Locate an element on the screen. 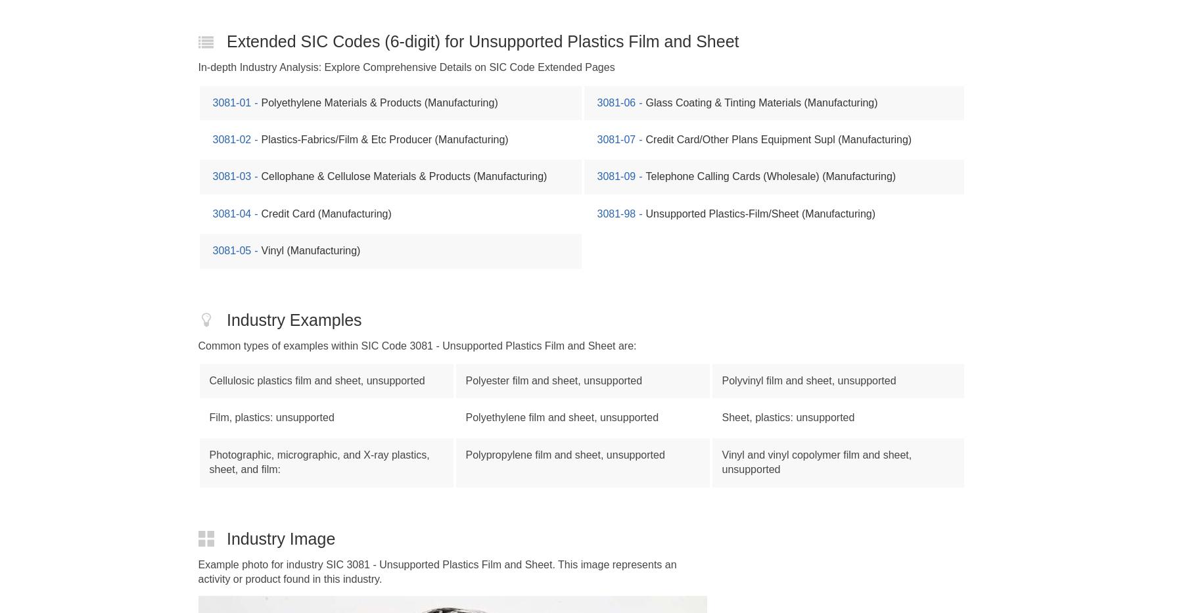 This screenshot has width=1185, height=613. 'Cellulosic plastics film and sheet, unsupported' is located at coordinates (316, 380).